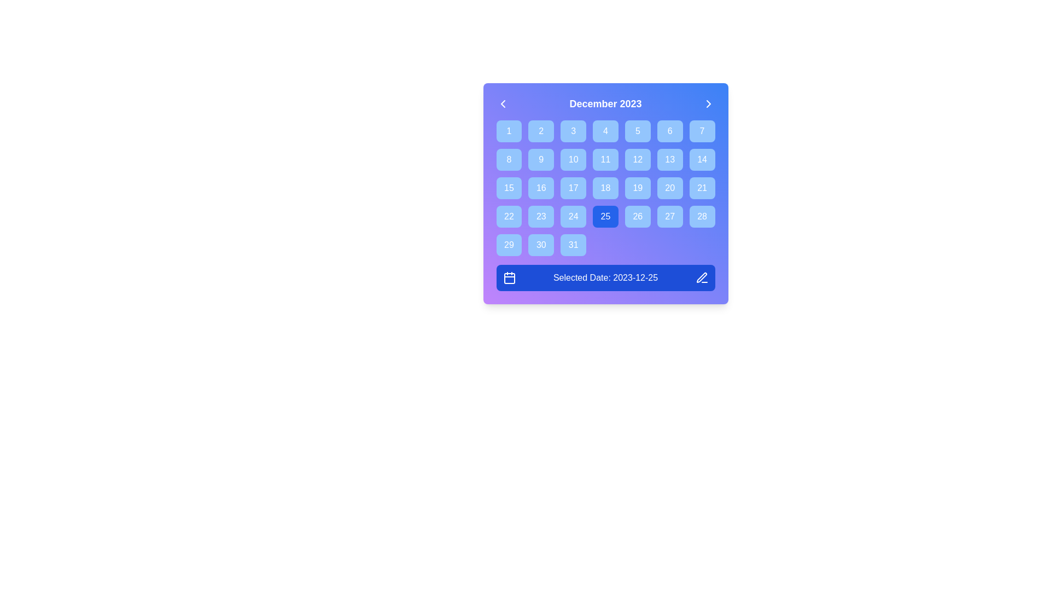 The width and height of the screenshot is (1050, 591). What do you see at coordinates (669, 130) in the screenshot?
I see `the button displaying the number '6' with a light-blue background, located in the upper portion of the calendar interface for December 2023` at bounding box center [669, 130].